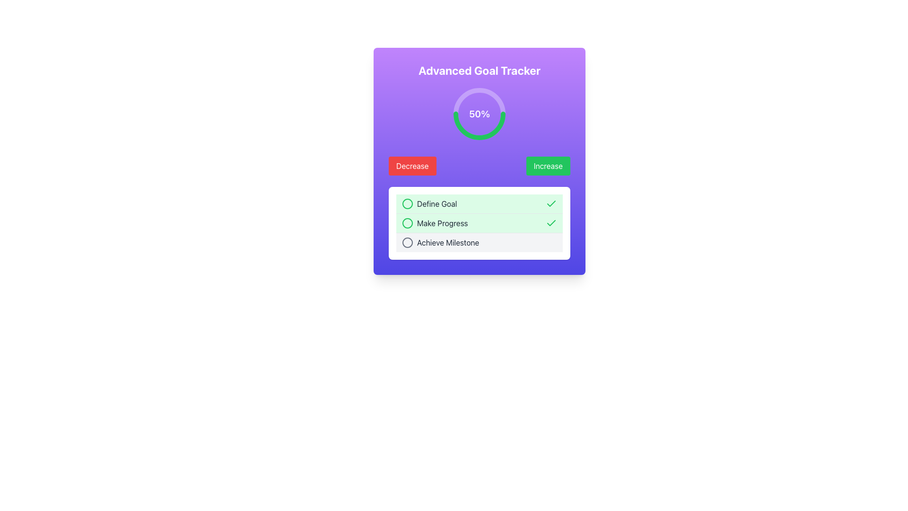  What do you see at coordinates (412, 166) in the screenshot?
I see `the leftmost rectangular button with a red background and white text that reads 'Decrease' to decrease the value` at bounding box center [412, 166].